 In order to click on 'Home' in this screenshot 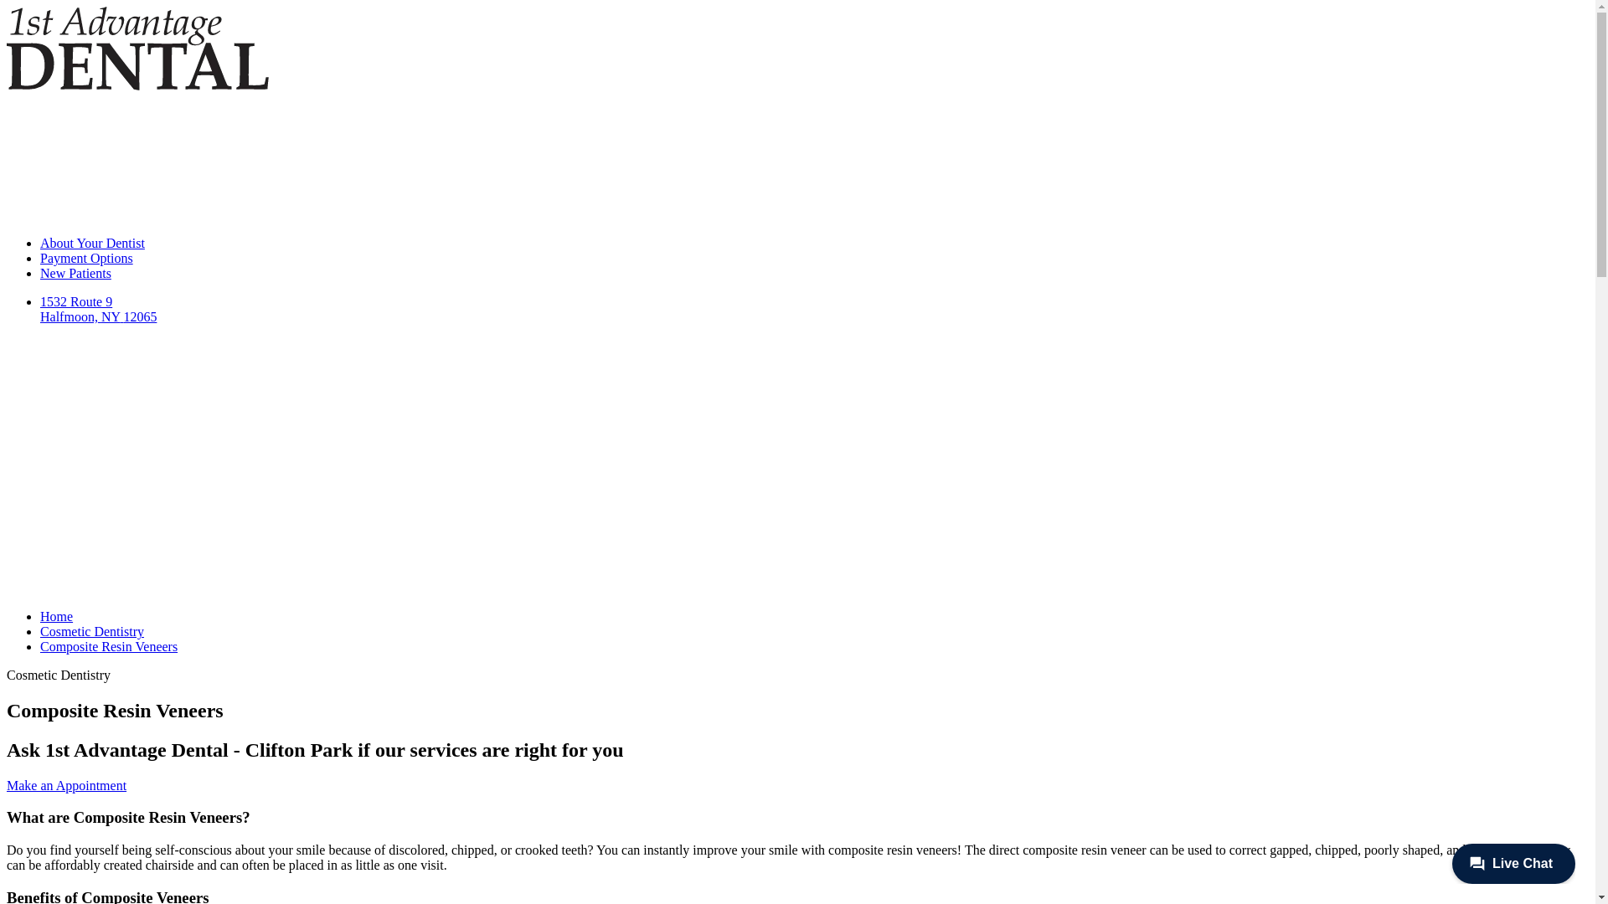, I will do `click(56, 616)`.